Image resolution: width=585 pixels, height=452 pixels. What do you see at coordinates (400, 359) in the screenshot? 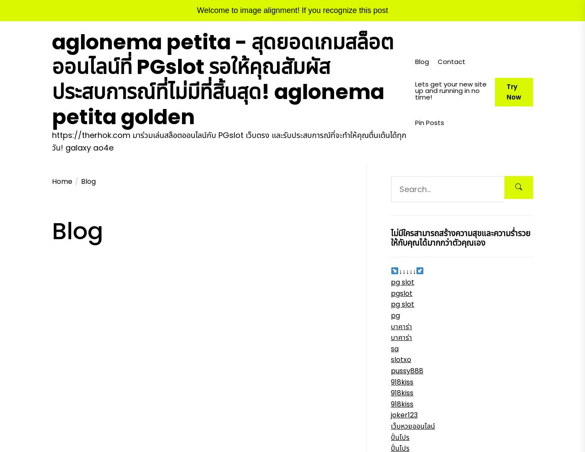
I see `'slotxo'` at bounding box center [400, 359].